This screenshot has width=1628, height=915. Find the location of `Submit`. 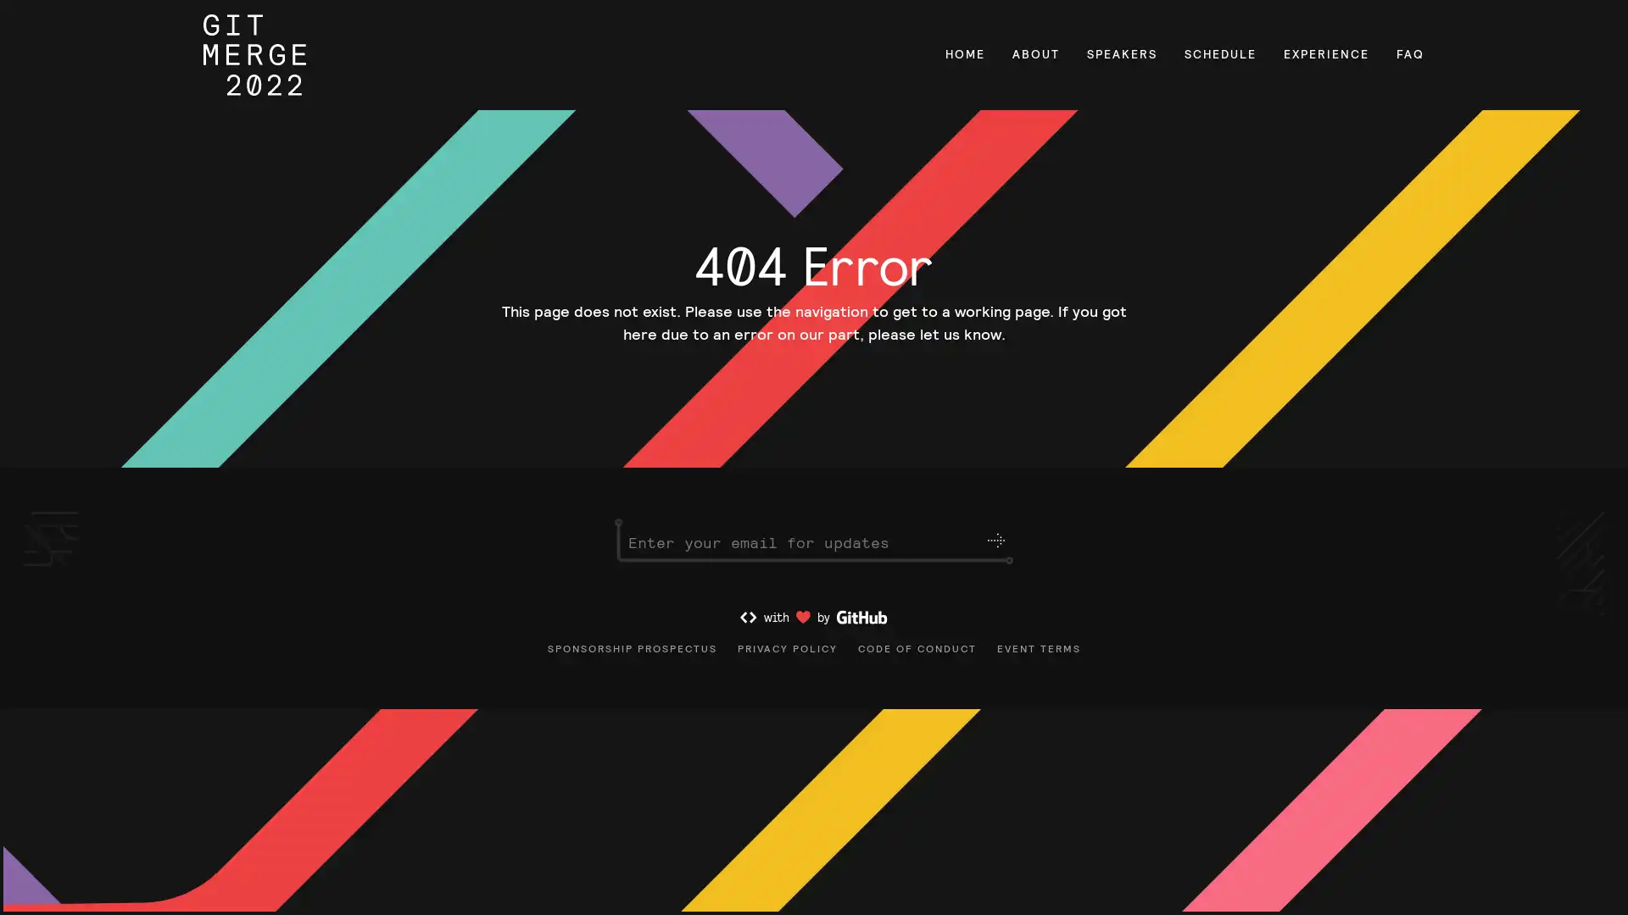

Submit is located at coordinates (995, 542).